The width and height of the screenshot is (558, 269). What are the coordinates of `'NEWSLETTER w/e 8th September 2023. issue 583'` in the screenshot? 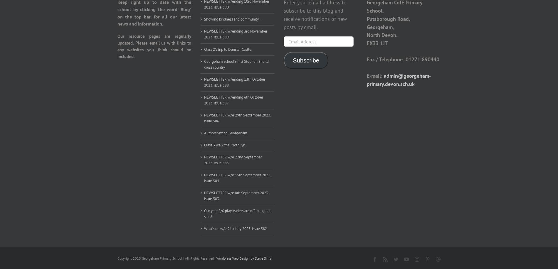 It's located at (236, 195).